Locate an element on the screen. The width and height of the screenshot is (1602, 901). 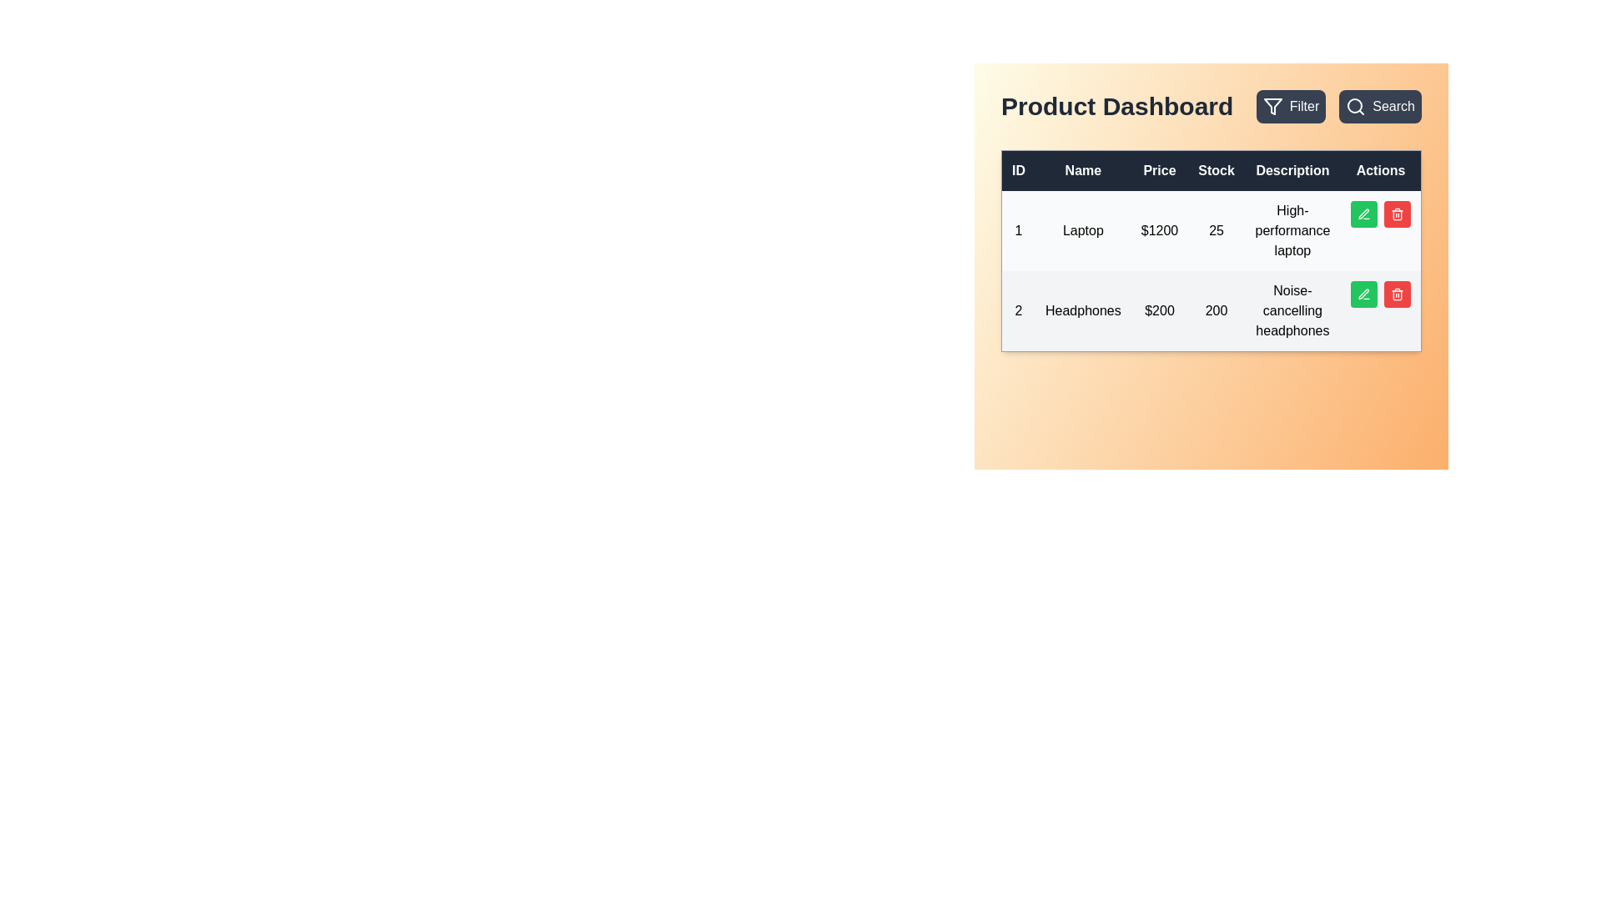
the search icon located in the top-right portion of the interface, within the button labeled 'Search', to initiate a search is located at coordinates (1356, 106).